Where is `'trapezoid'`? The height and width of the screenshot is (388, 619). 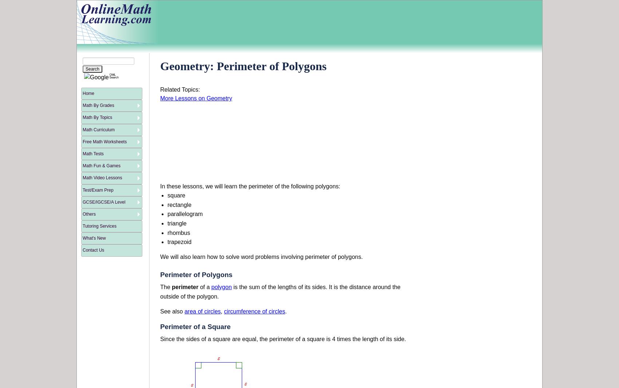 'trapezoid' is located at coordinates (167, 242).